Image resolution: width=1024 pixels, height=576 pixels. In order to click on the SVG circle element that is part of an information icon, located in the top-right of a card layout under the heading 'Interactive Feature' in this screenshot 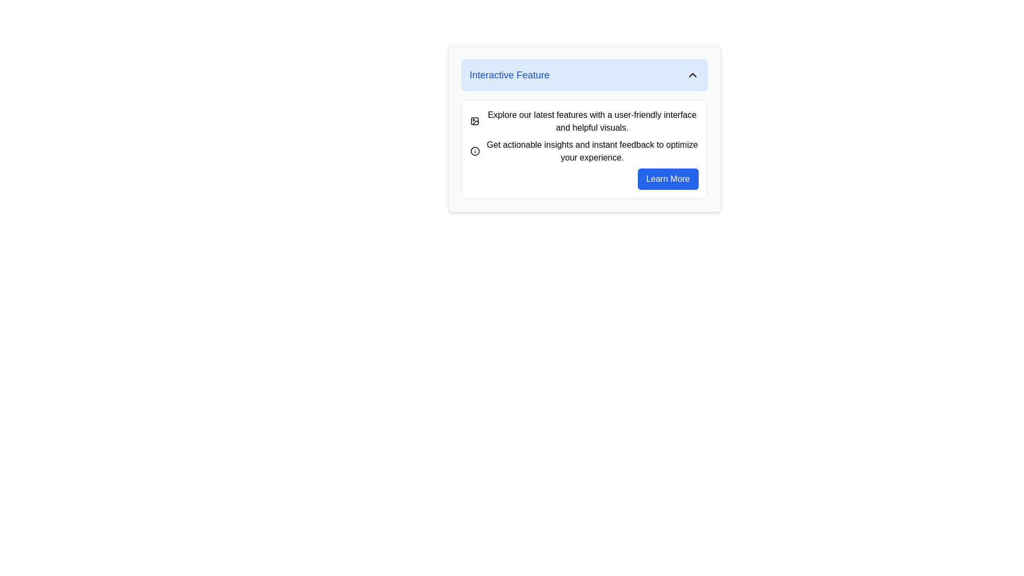, I will do `click(474, 151)`.